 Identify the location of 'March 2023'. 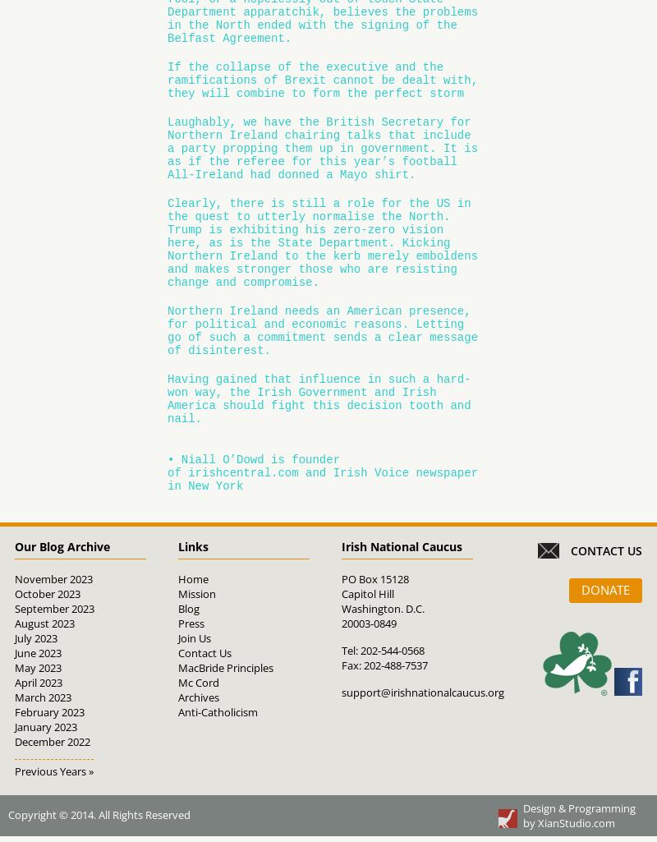
(14, 696).